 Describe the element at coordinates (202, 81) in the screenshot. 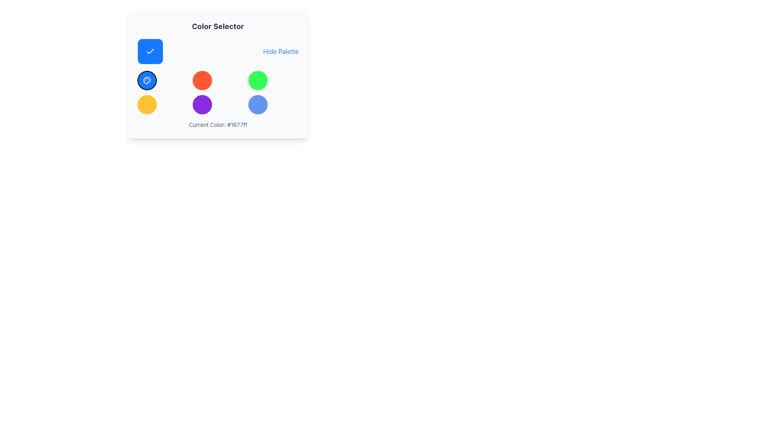

I see `the circular bright red button in the second row and second column of the color selector grid` at that location.